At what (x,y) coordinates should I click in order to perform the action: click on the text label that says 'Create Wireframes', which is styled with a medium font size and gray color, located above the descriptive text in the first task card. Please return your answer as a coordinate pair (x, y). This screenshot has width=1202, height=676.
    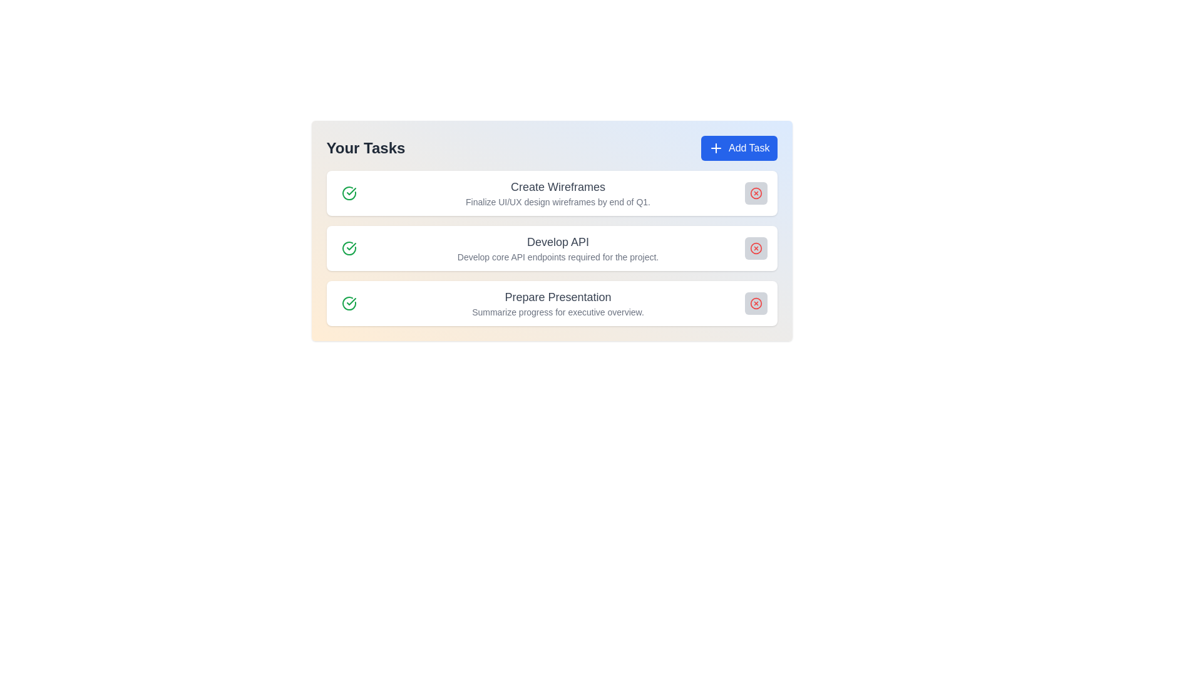
    Looking at the image, I should click on (557, 187).